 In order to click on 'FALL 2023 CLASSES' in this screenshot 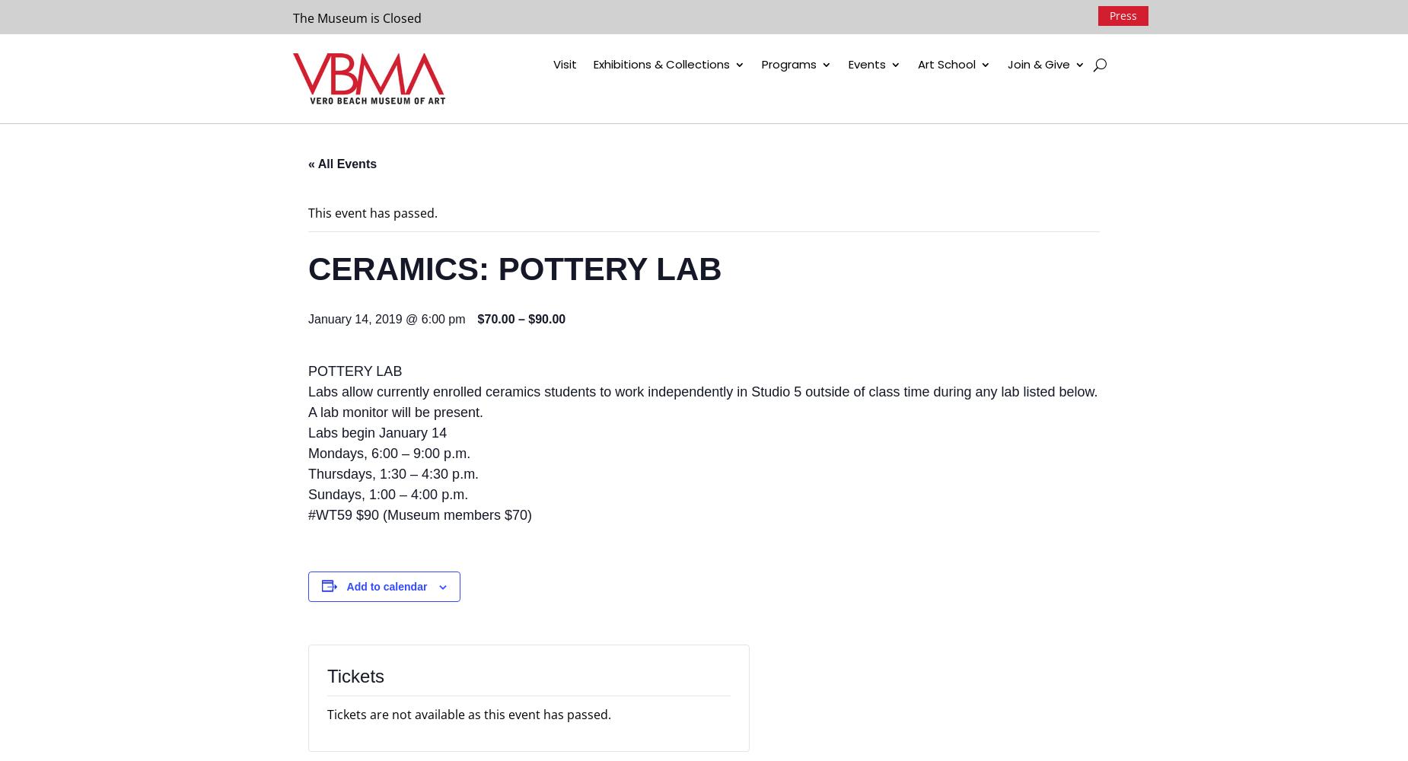, I will do `click(992, 96)`.